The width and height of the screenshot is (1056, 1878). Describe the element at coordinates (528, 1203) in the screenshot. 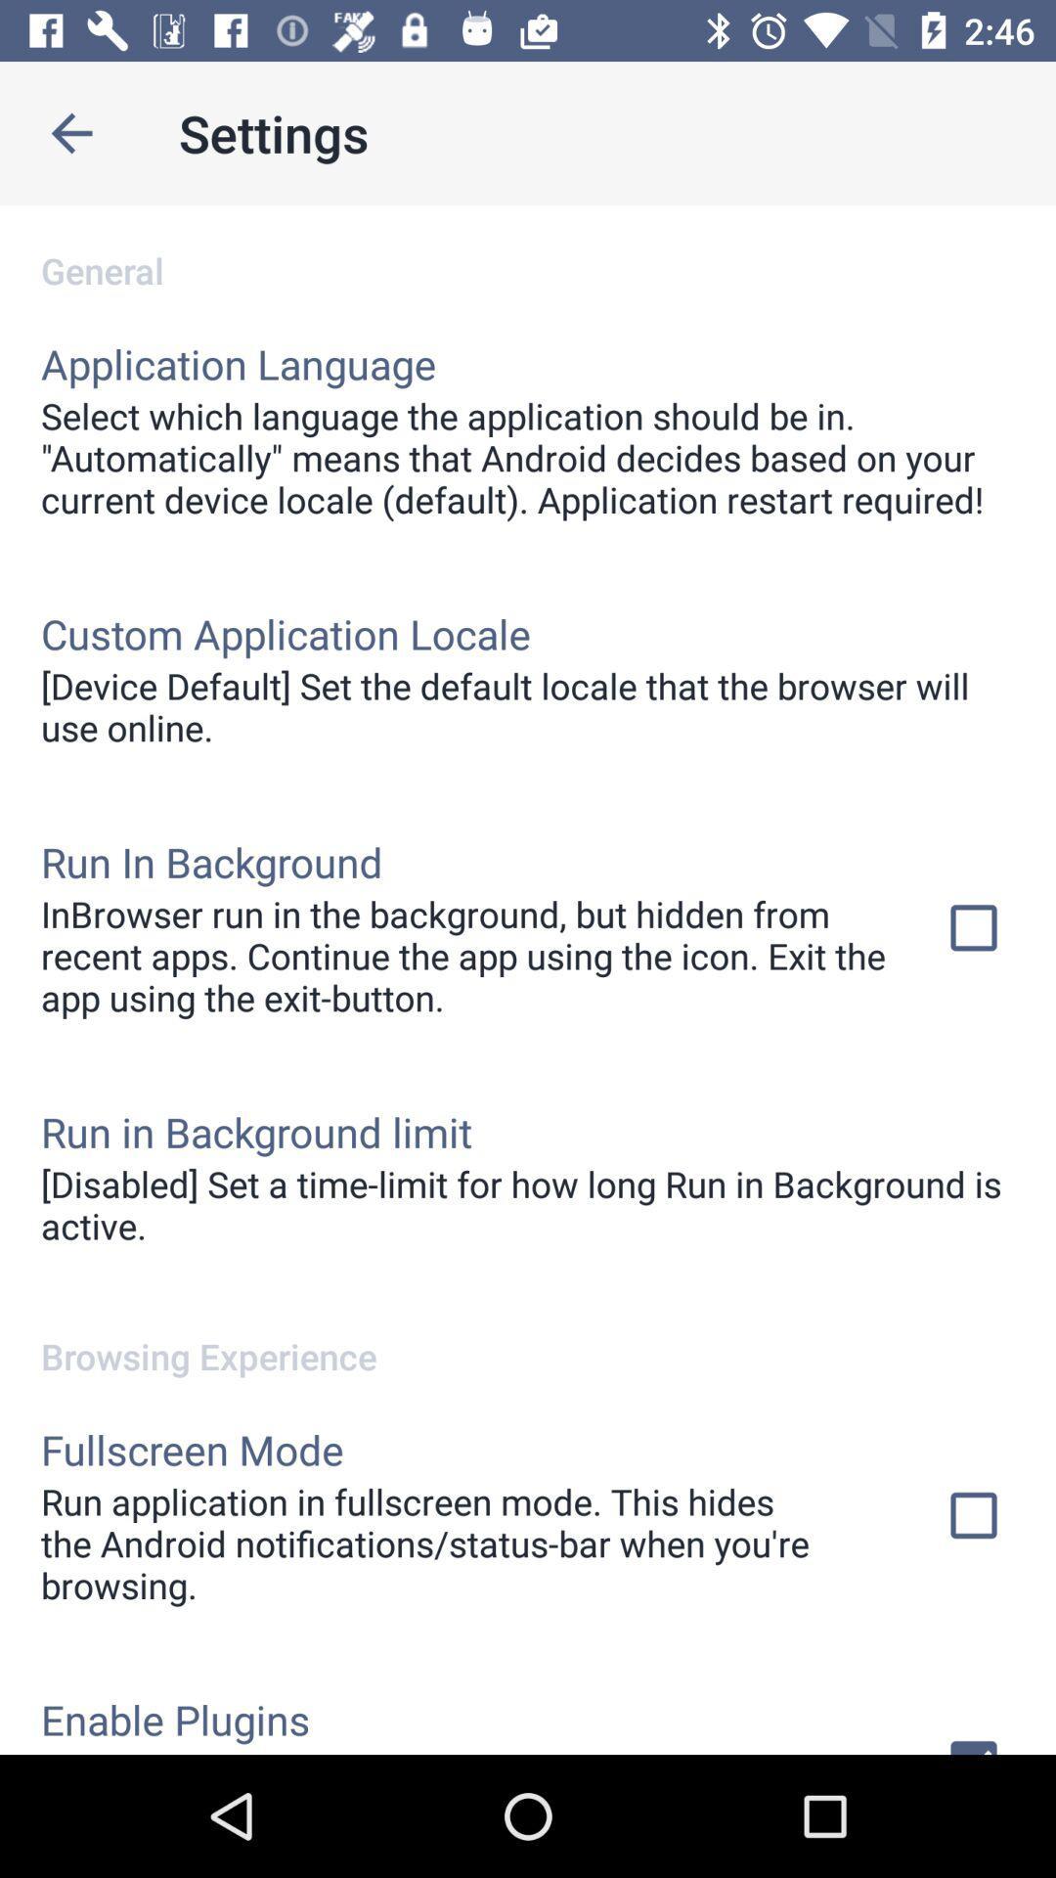

I see `app below the run in background` at that location.